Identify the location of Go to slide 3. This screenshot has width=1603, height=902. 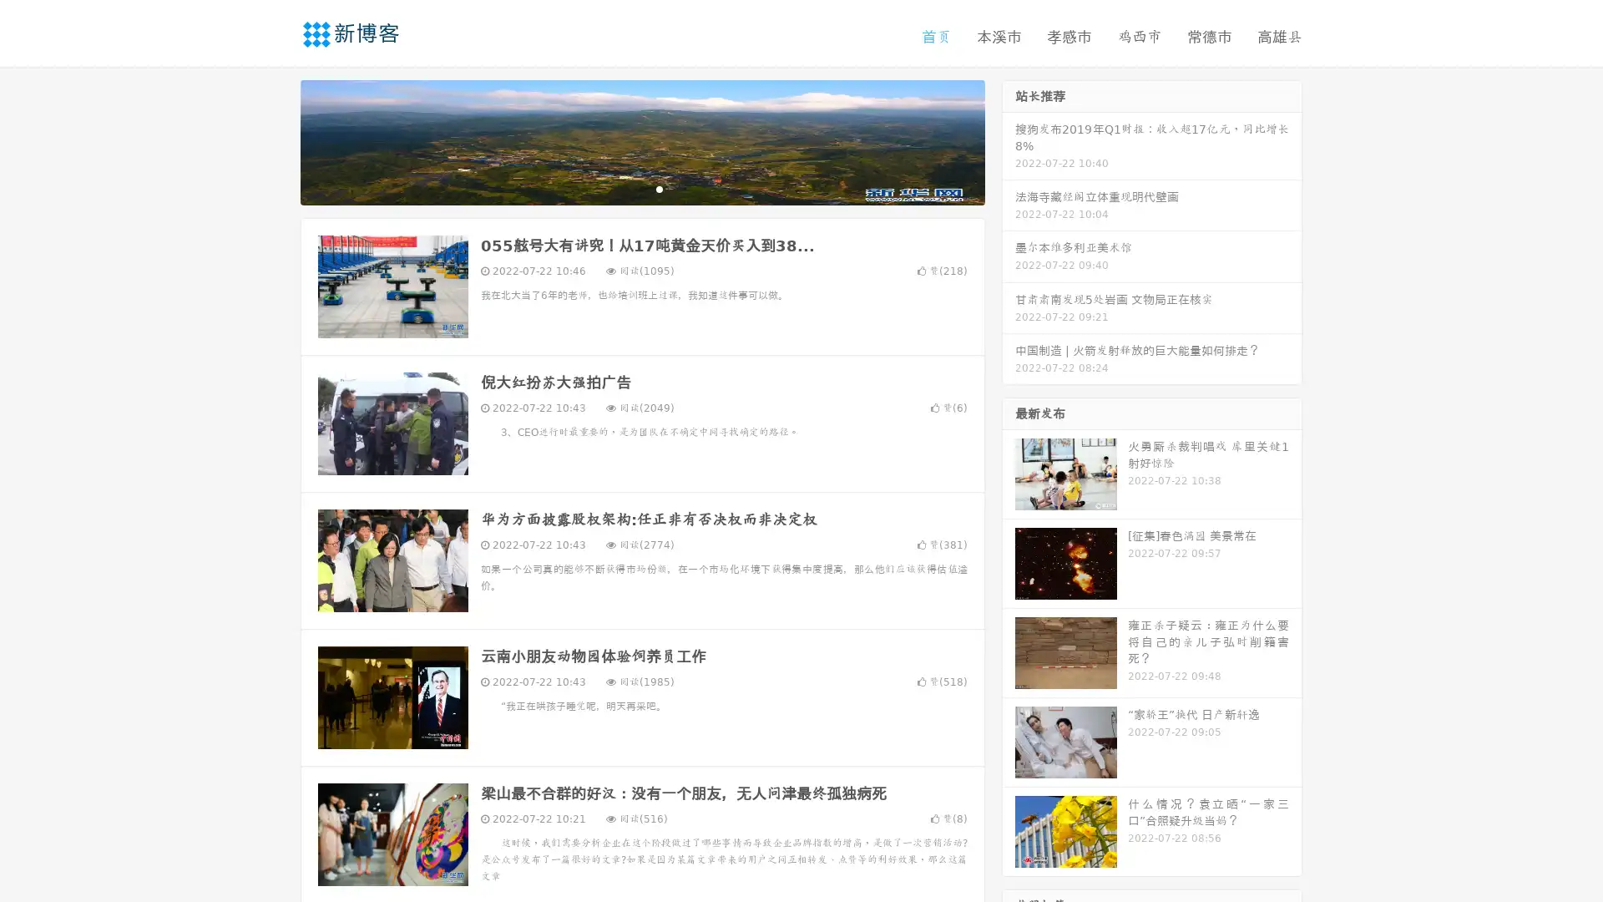
(659, 188).